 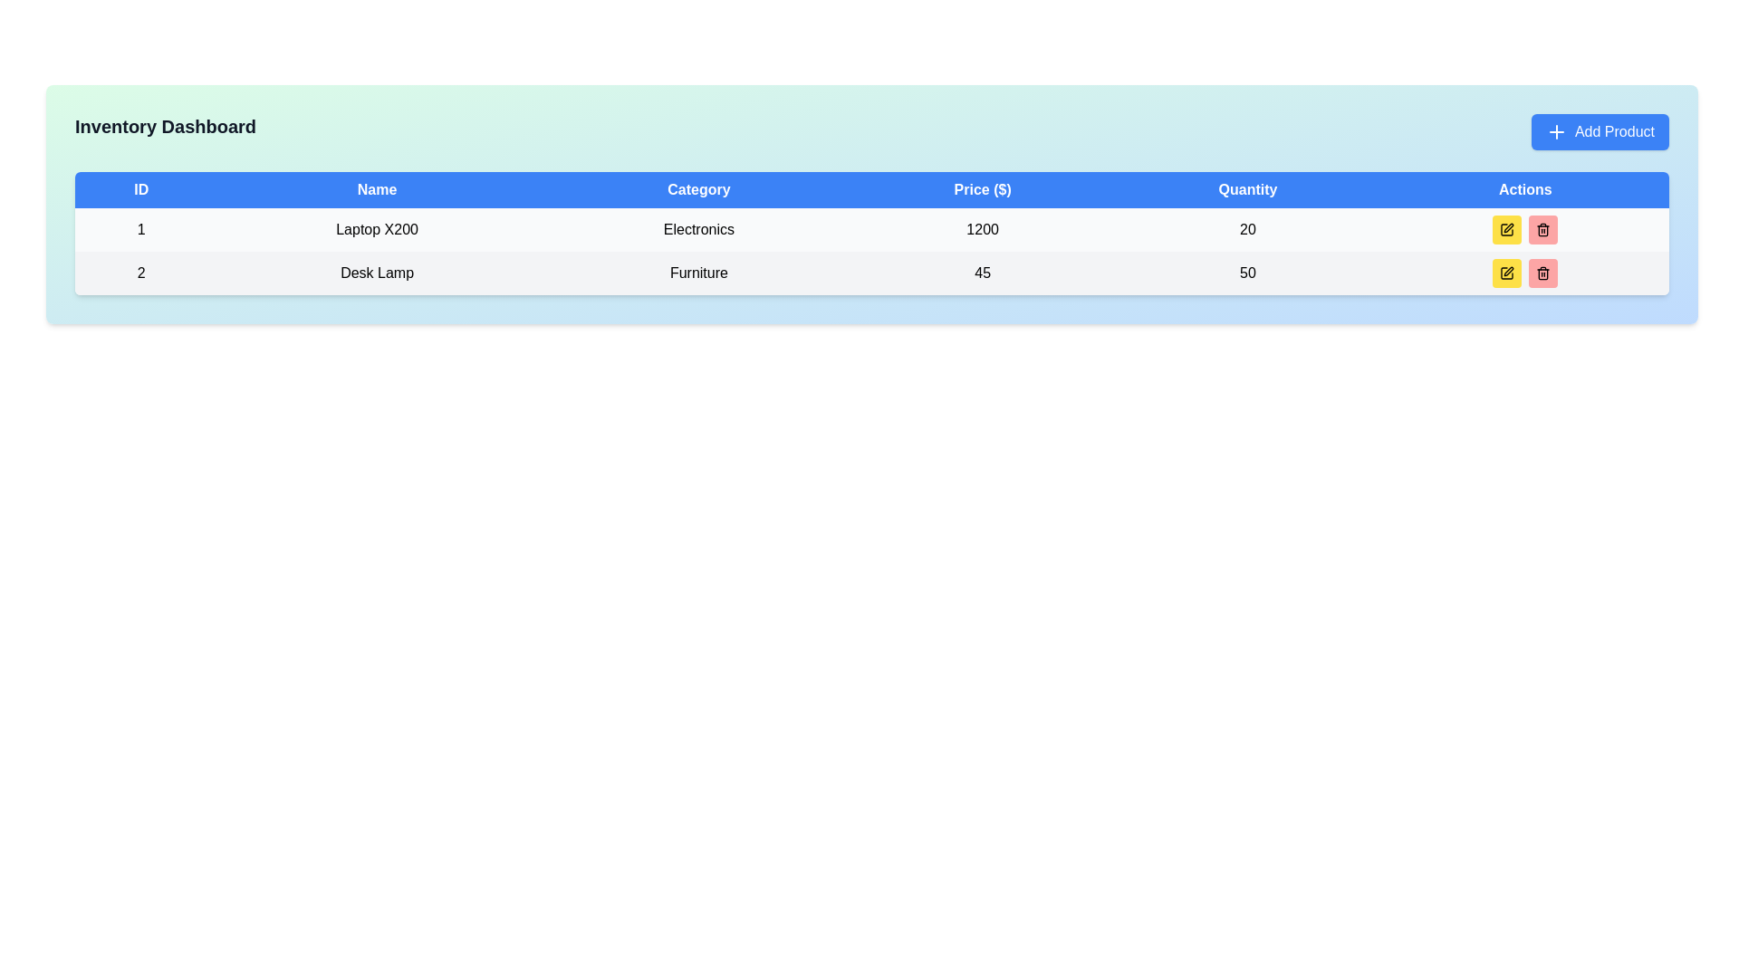 What do you see at coordinates (1507, 229) in the screenshot?
I see `the vector graphic element representing the edit button in the actions column of the second row in the product listing table` at bounding box center [1507, 229].